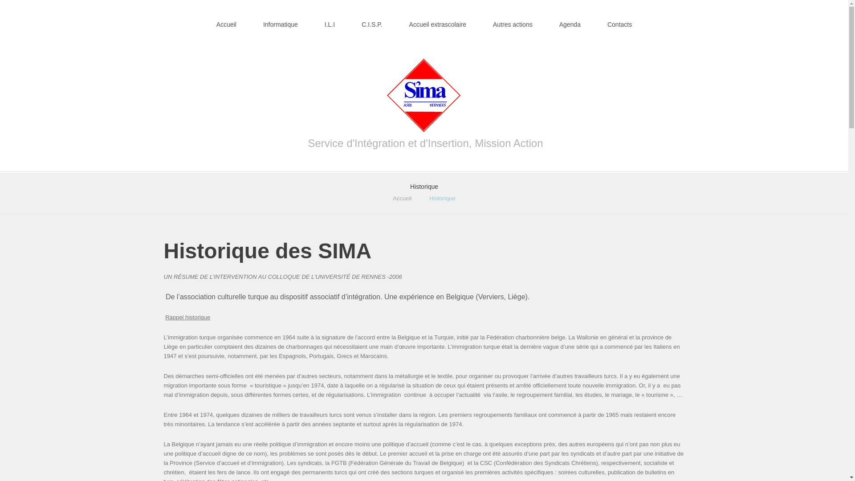 This screenshot has height=481, width=855. Describe the element at coordinates (513, 19) in the screenshot. I see `'Autres actions'` at that location.